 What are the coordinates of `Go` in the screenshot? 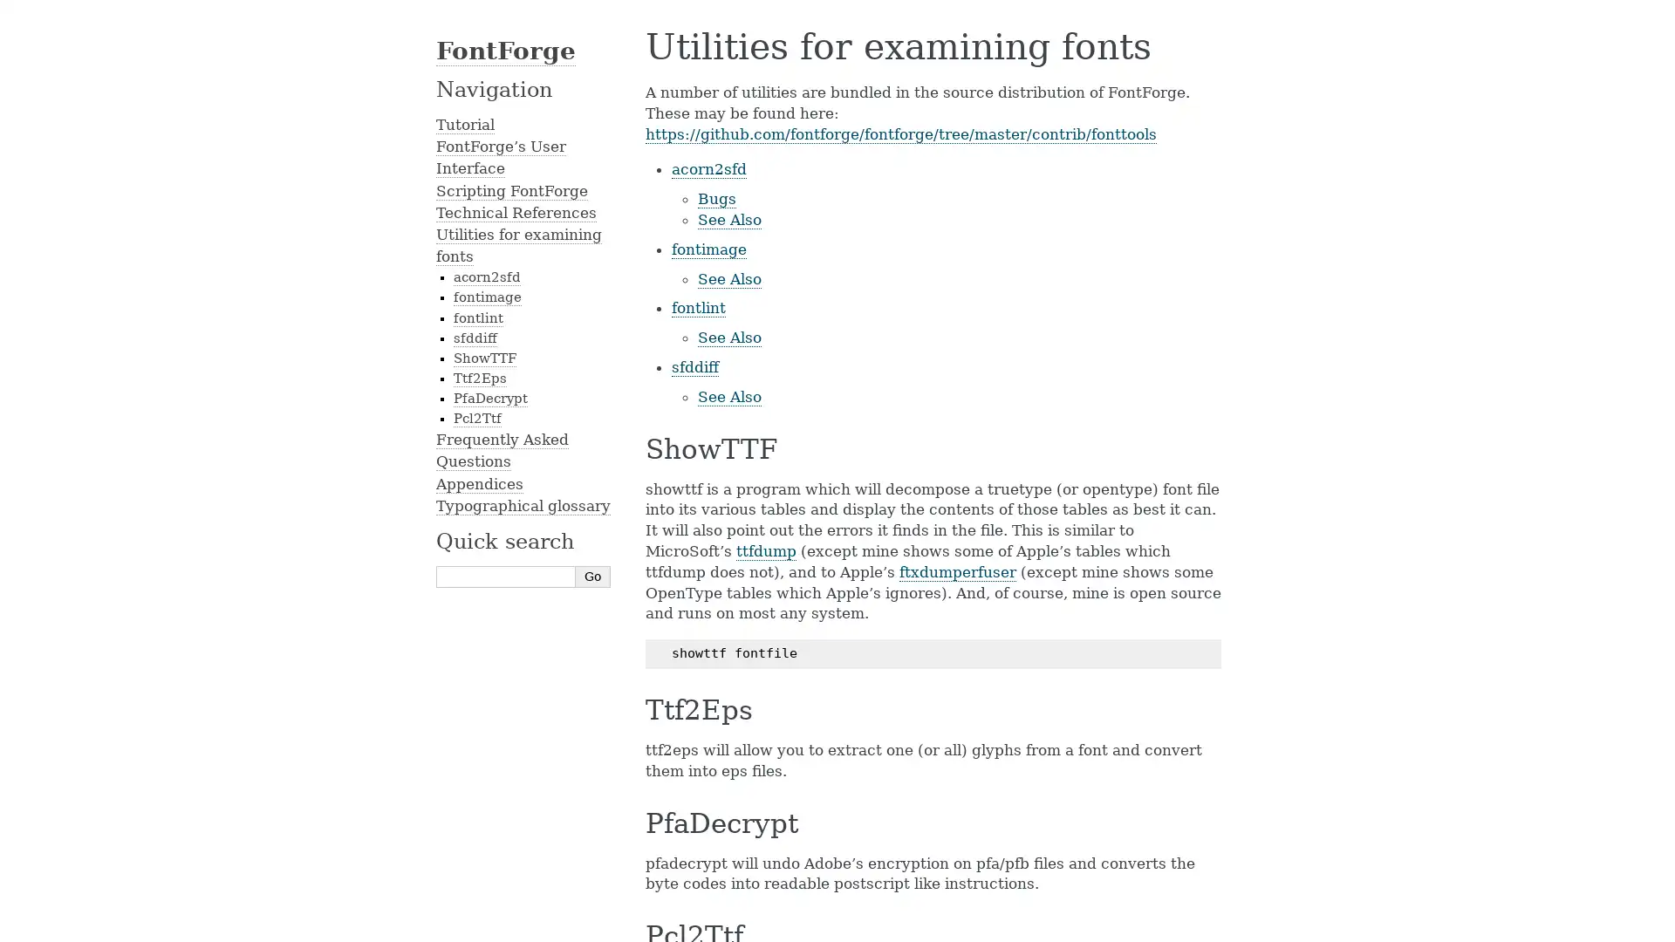 It's located at (593, 576).